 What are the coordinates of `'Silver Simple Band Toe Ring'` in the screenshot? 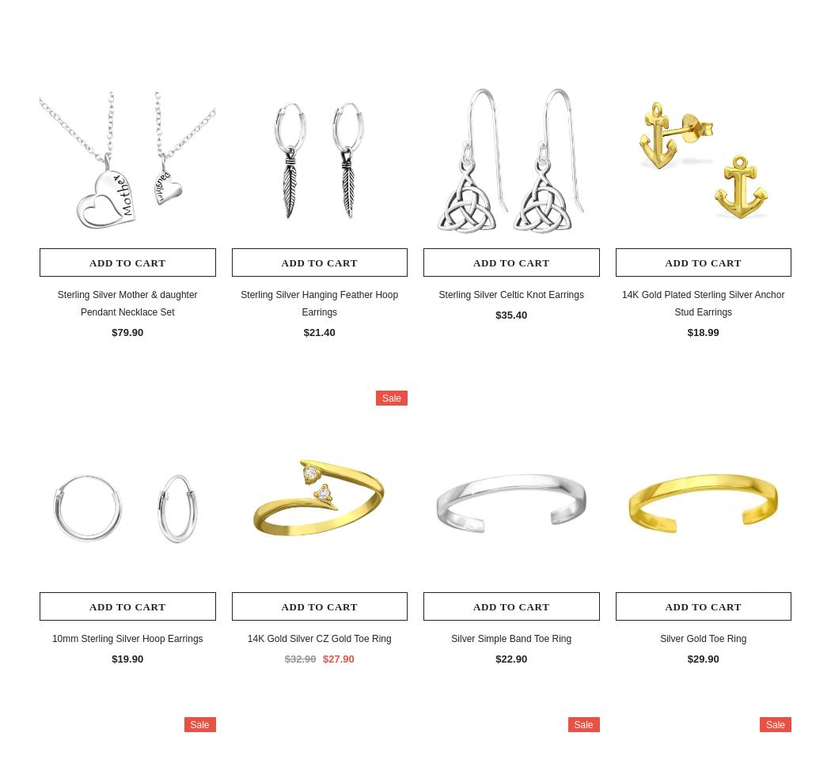 It's located at (450, 636).